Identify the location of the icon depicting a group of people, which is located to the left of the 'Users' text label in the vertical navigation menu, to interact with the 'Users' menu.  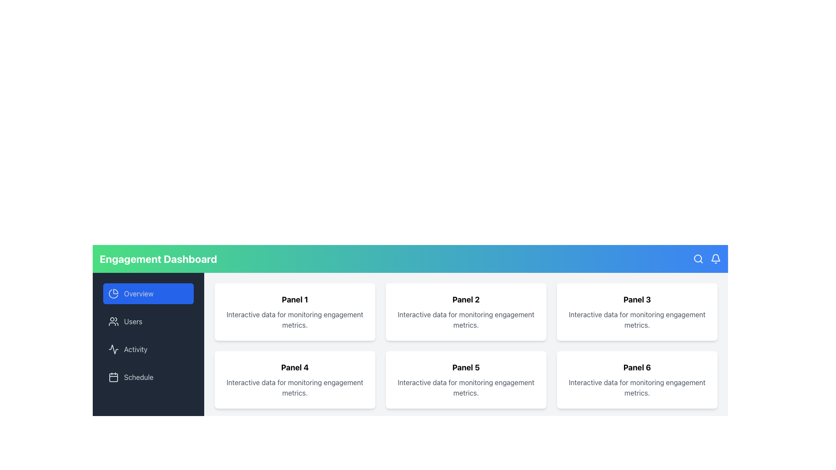
(113, 322).